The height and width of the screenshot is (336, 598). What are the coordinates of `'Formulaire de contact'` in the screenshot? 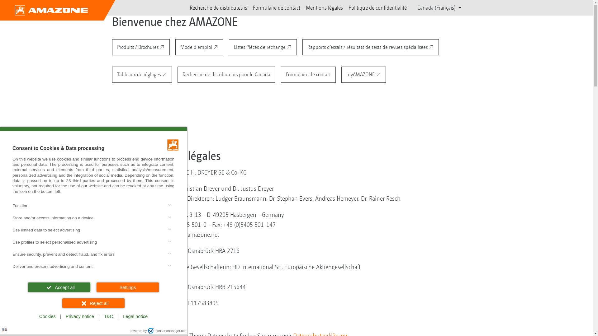 It's located at (253, 7).